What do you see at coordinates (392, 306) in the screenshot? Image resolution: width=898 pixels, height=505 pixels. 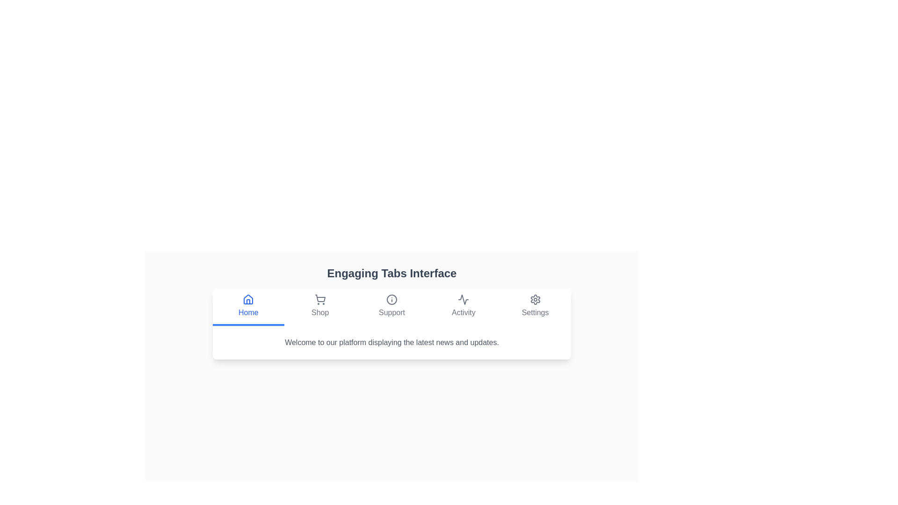 I see `the Navigation tab, located in the center of the top navigation bar` at bounding box center [392, 306].